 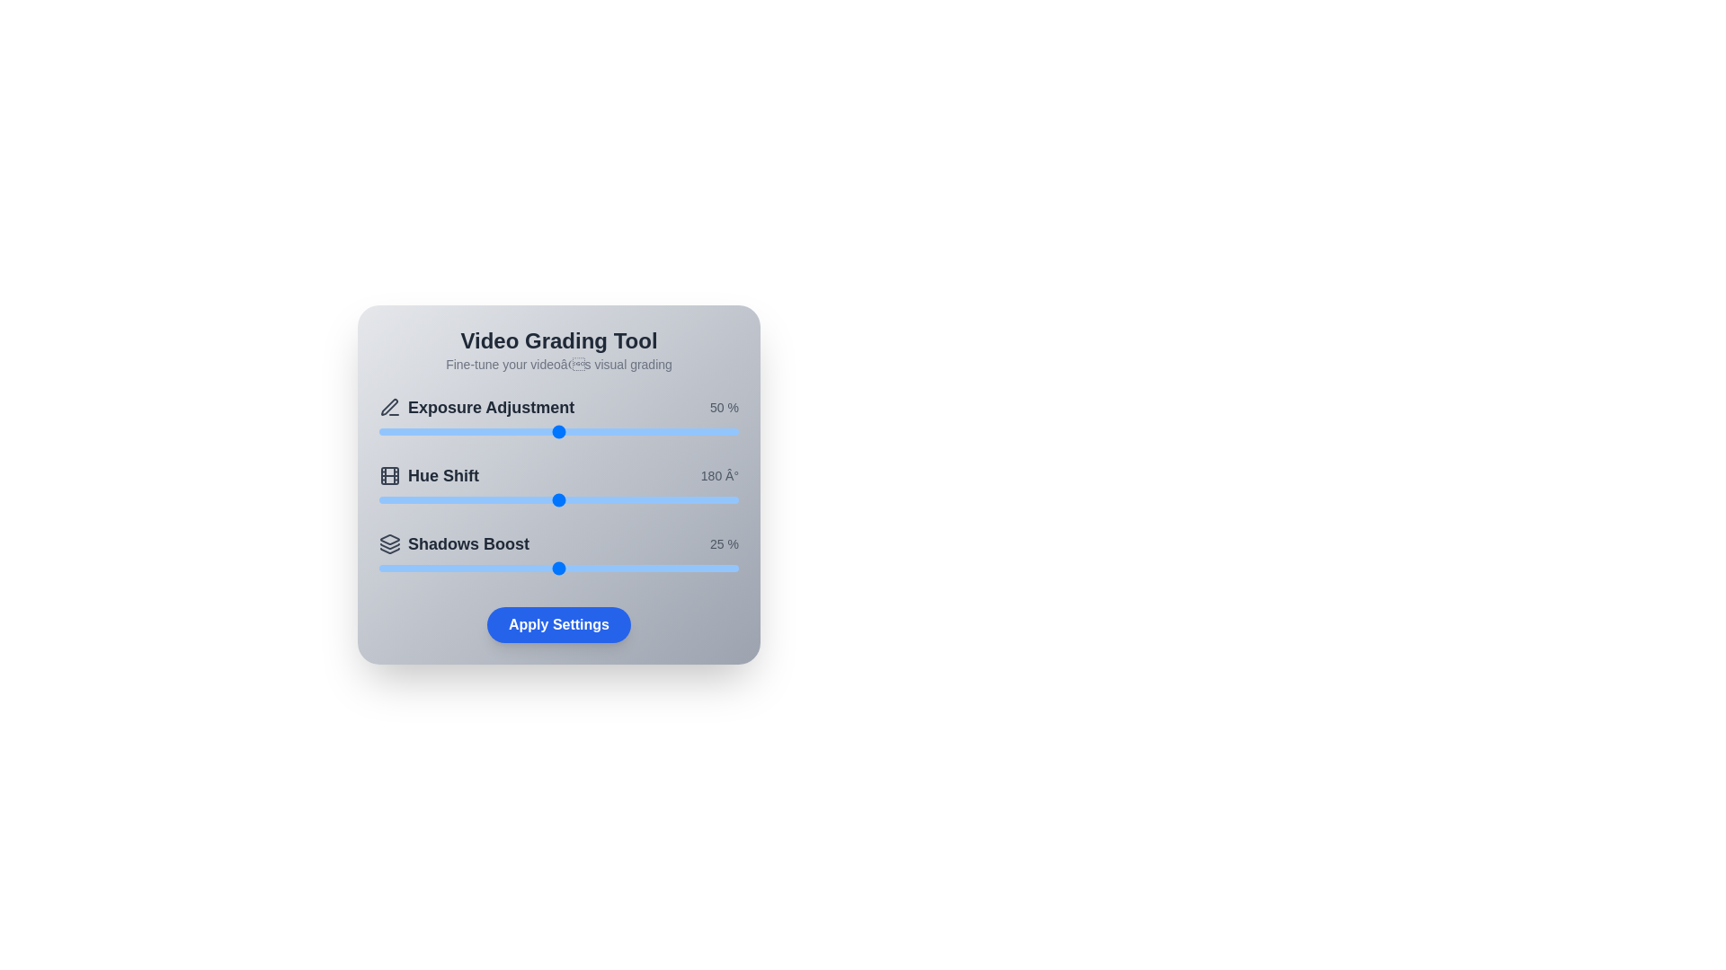 I want to click on the hue shift, so click(x=496, y=499).